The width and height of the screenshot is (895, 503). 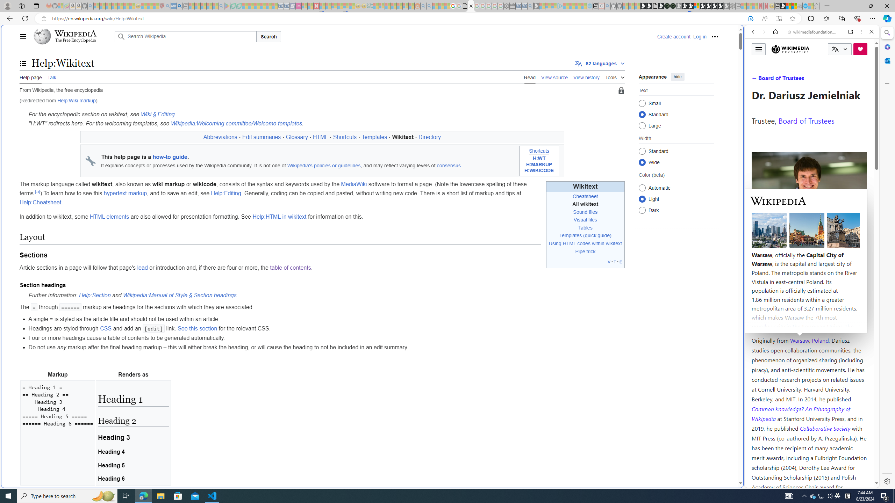 I want to click on 'Profile on Meta-Wiki', so click(x=783, y=249).